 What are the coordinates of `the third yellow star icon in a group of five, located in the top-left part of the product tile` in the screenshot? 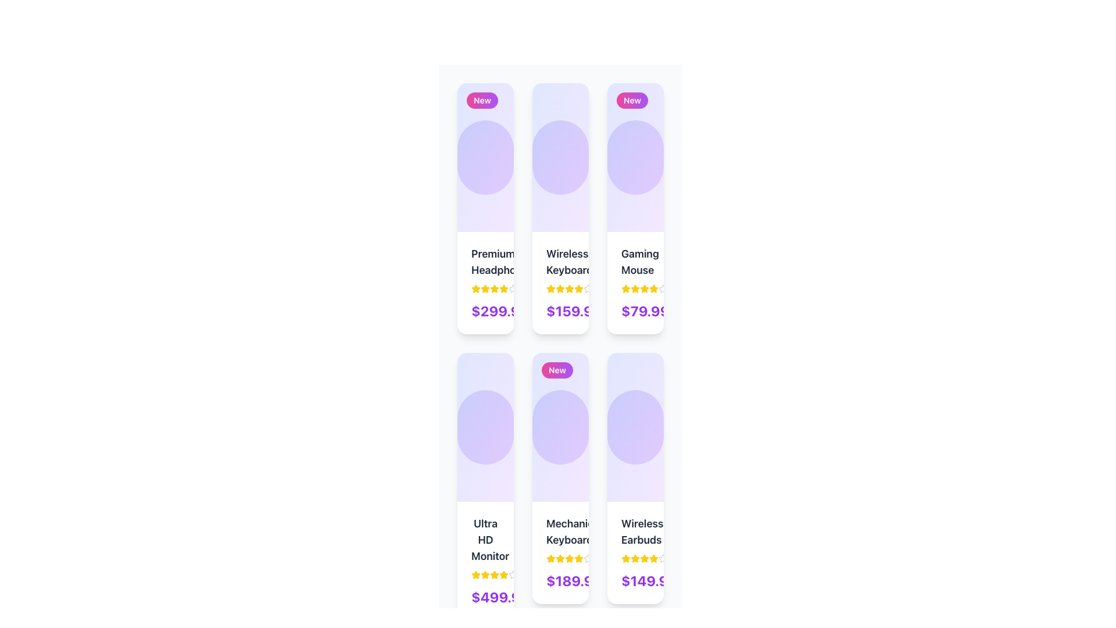 It's located at (485, 288).